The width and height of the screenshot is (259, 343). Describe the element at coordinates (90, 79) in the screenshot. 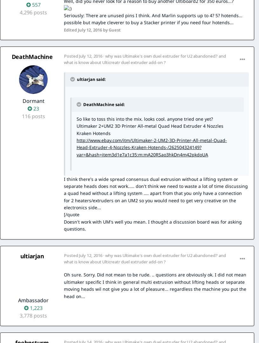

I see `'ultiarjan said:'` at that location.